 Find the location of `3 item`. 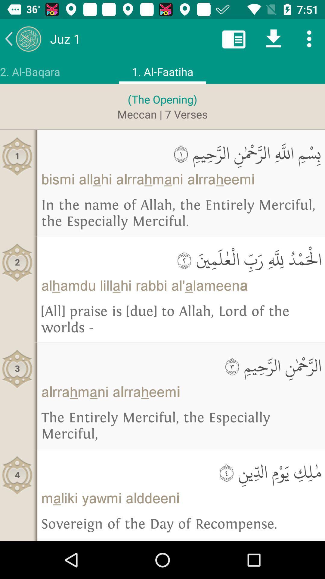

3 item is located at coordinates (17, 369).